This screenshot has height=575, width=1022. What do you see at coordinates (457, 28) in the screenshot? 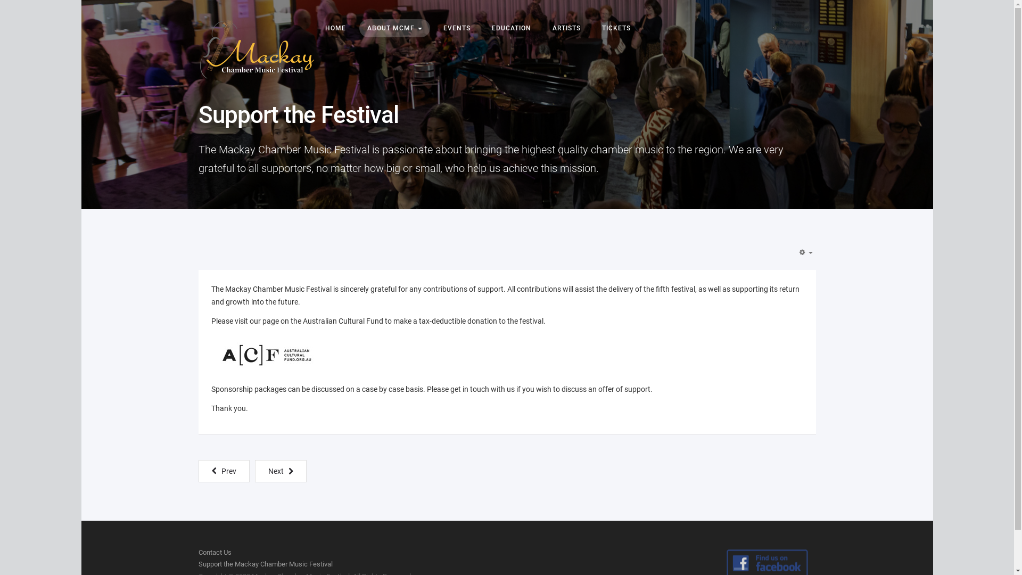
I see `'EVENTS'` at bounding box center [457, 28].